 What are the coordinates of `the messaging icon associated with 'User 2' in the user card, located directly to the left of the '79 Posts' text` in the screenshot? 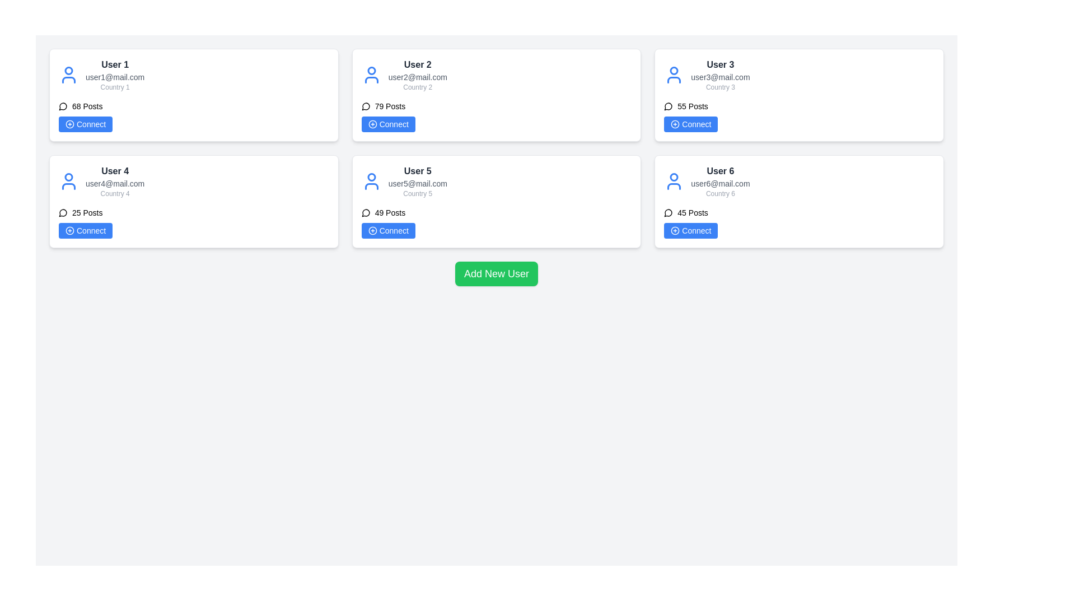 It's located at (366, 106).